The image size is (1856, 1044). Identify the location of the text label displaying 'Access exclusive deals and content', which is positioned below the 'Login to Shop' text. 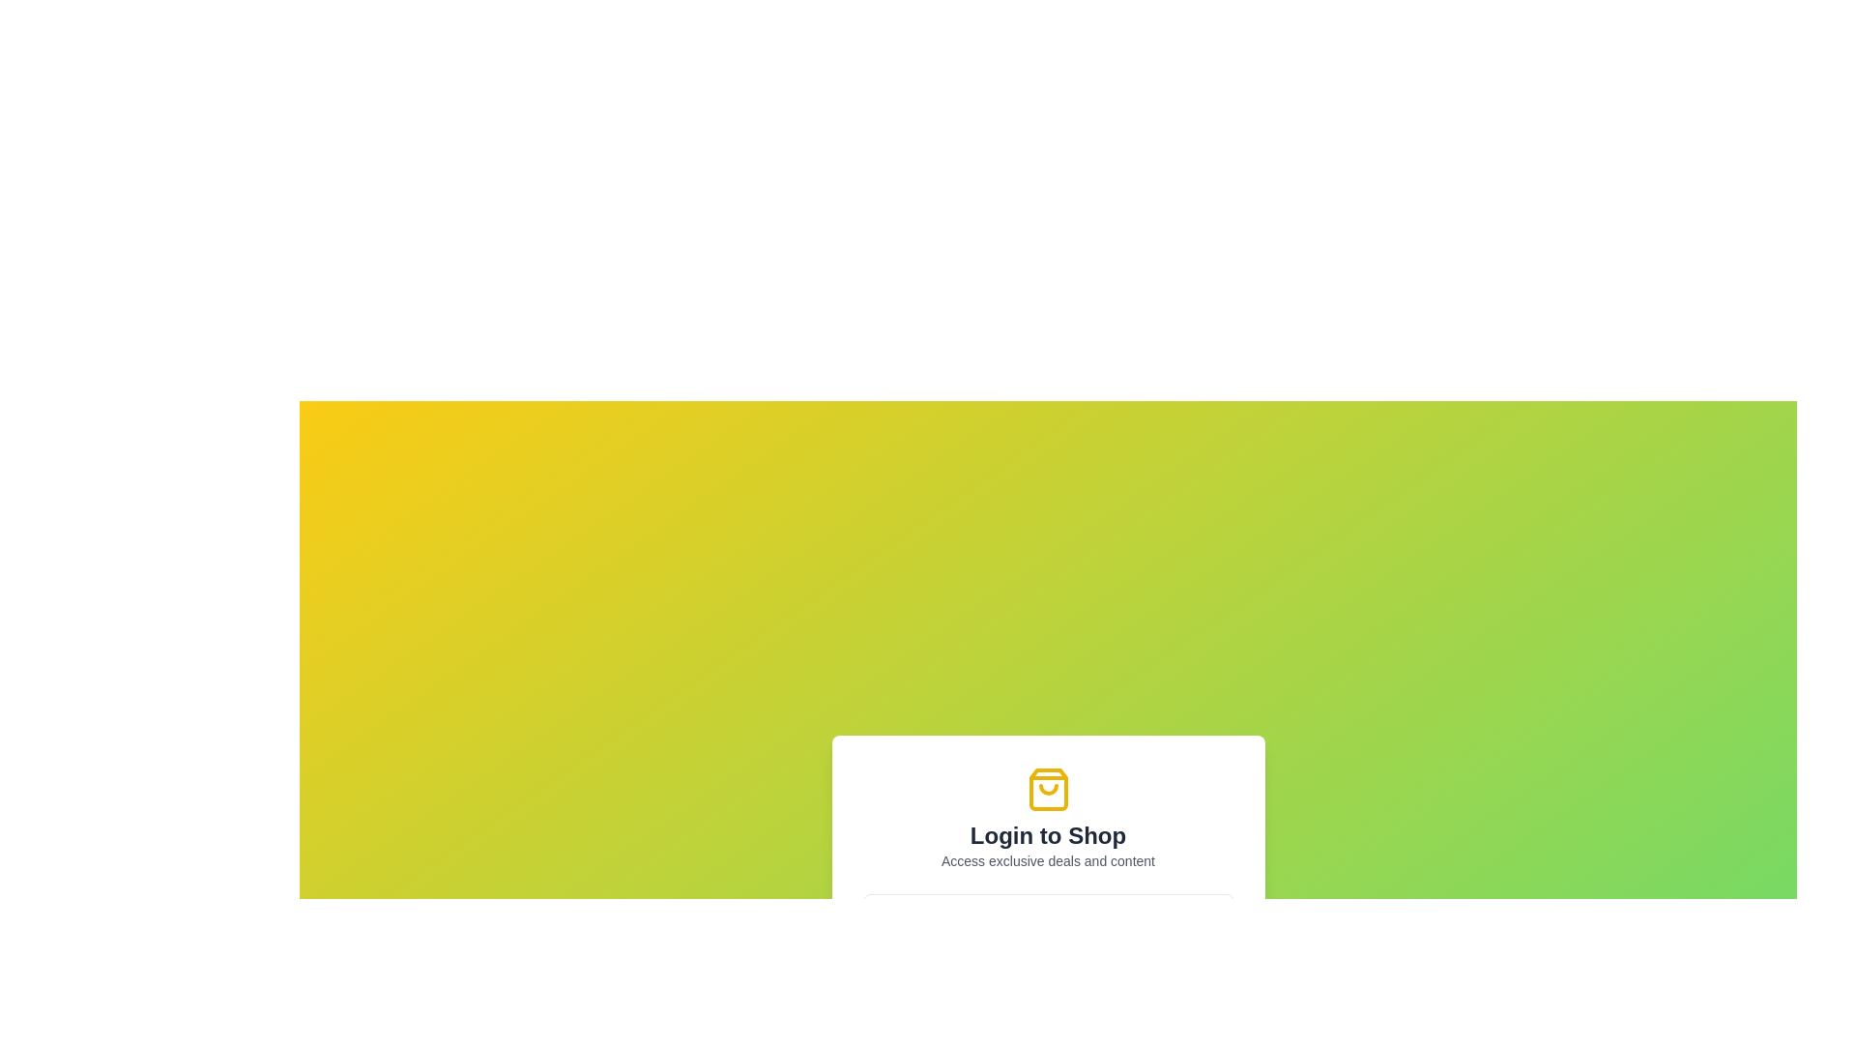
(1047, 860).